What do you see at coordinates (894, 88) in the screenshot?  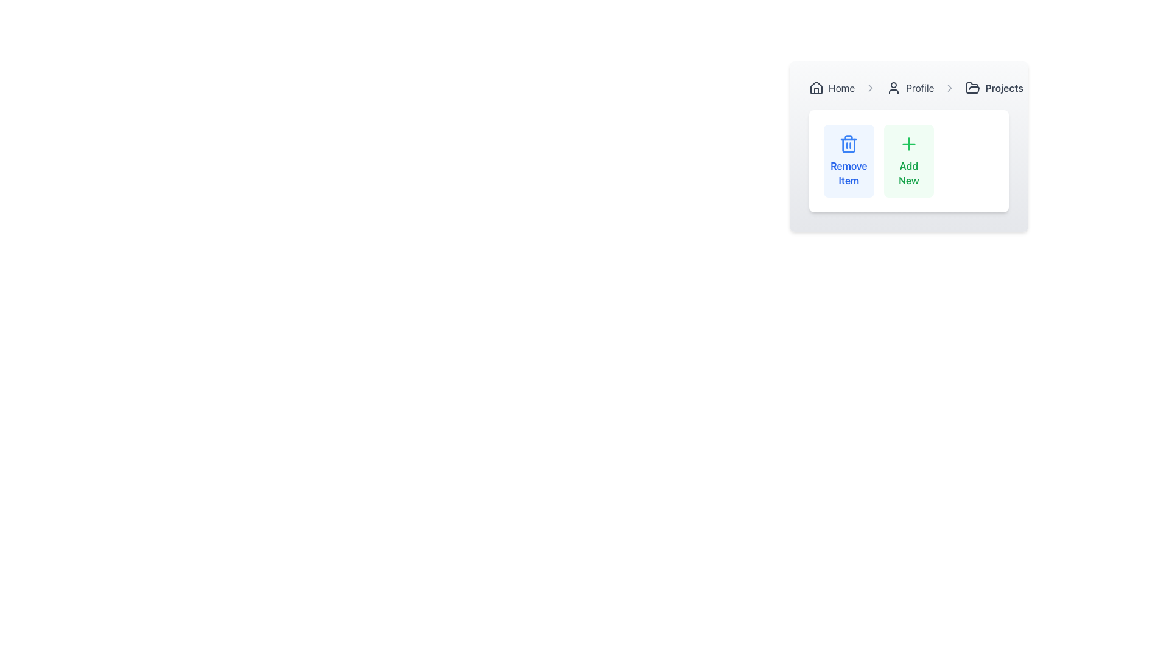 I see `the user profile icon, which is a minimalistic line drawing of a person located to the left of the 'Profile' text in the breadcrumb navigation` at bounding box center [894, 88].